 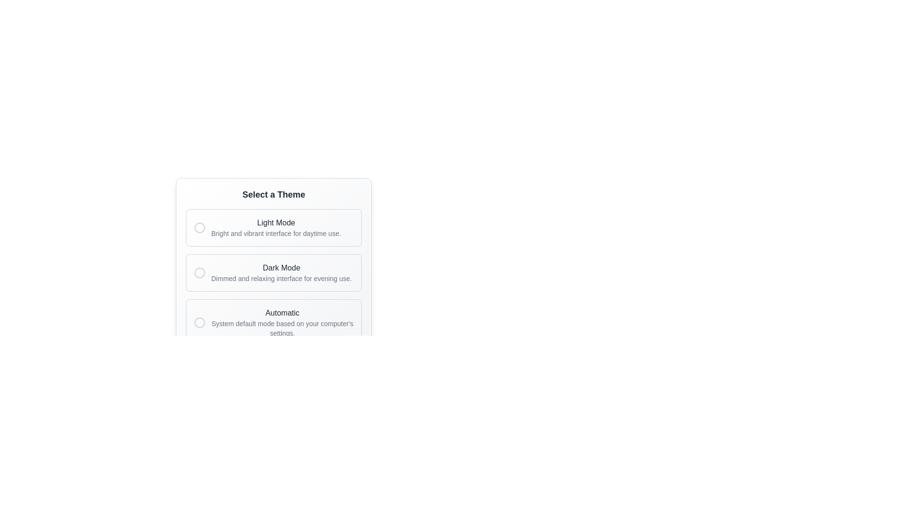 What do you see at coordinates (273, 194) in the screenshot?
I see `bold text label stating 'Select a Theme' located at the top of the theme selection panel` at bounding box center [273, 194].